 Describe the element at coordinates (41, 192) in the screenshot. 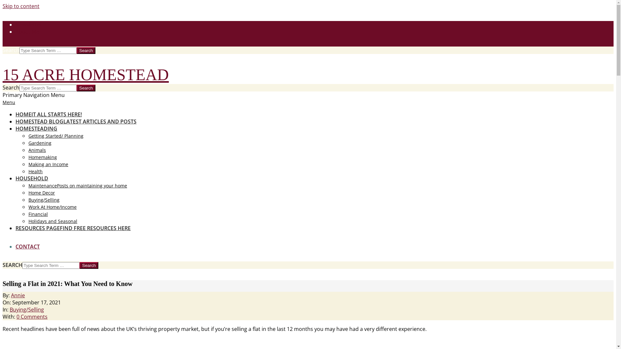

I see `'Home Decor'` at that location.